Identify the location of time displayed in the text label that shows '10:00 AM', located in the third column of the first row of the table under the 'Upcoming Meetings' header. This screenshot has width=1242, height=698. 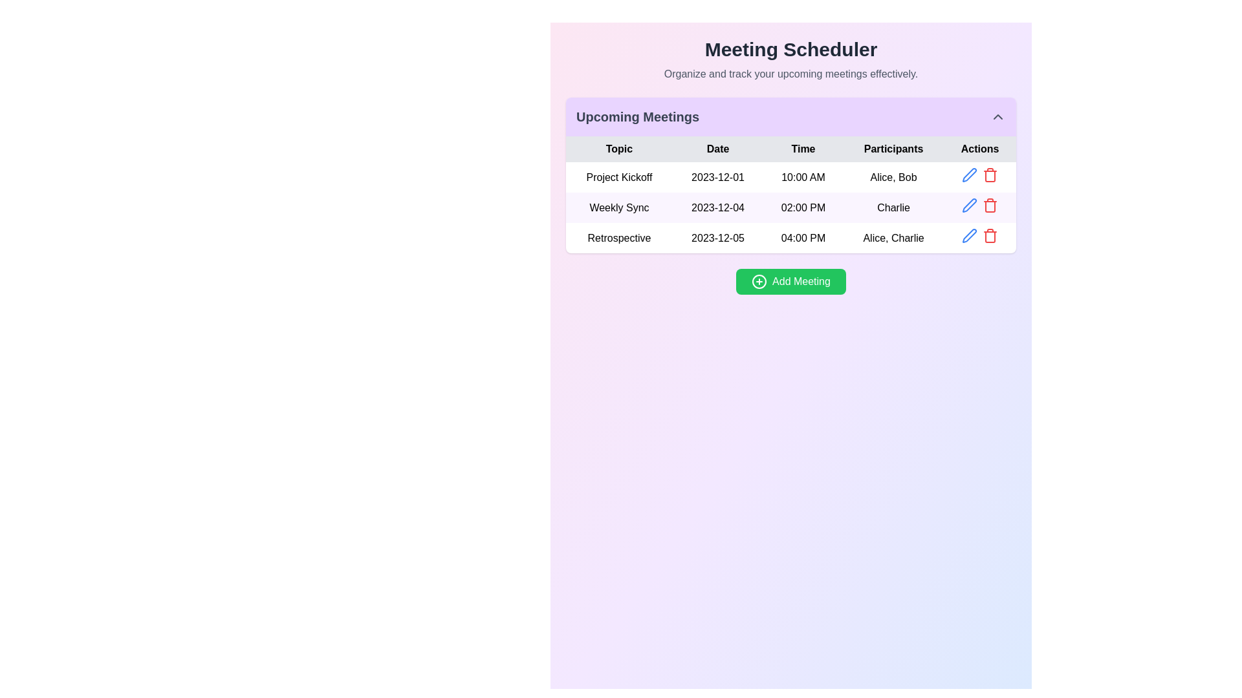
(803, 177).